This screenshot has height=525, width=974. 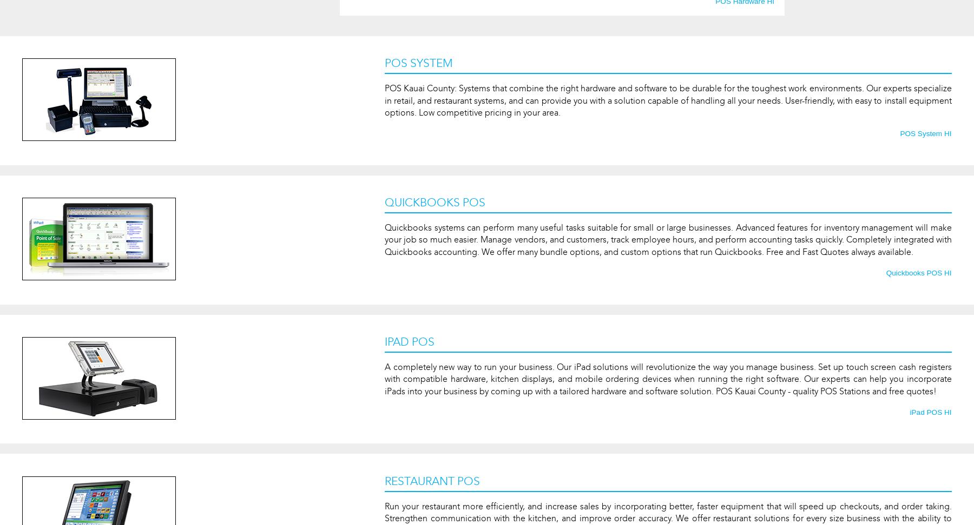 I want to click on 'iPad POS HI', so click(x=930, y=412).